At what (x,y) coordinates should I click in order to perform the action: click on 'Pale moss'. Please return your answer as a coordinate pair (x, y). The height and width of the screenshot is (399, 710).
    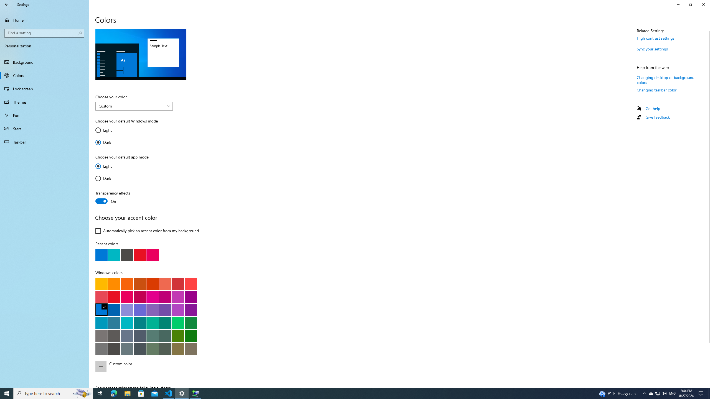
    Looking at the image, I should click on (152, 335).